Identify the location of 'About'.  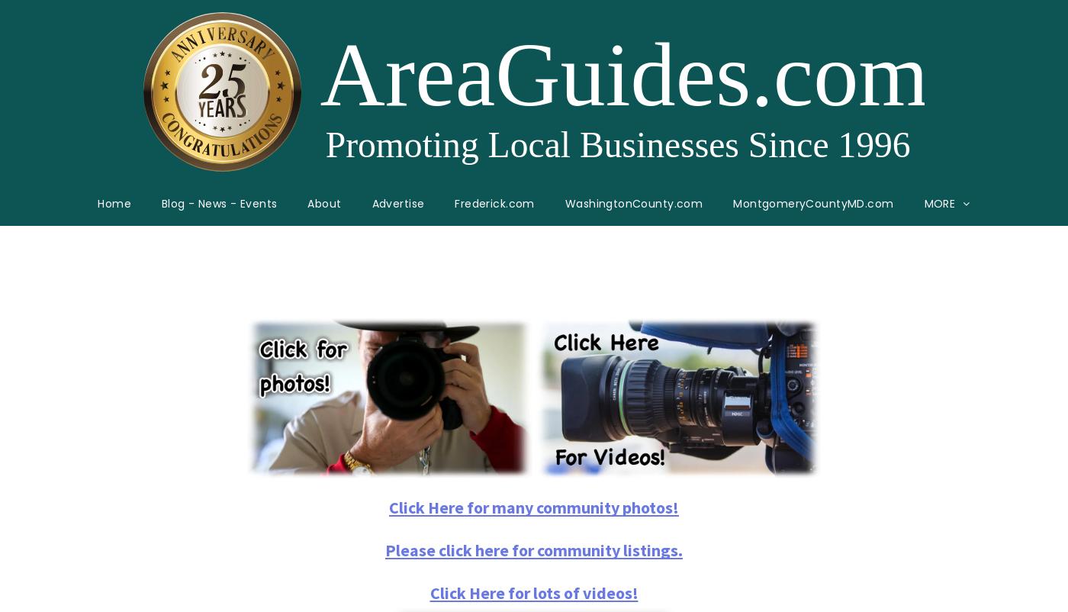
(323, 203).